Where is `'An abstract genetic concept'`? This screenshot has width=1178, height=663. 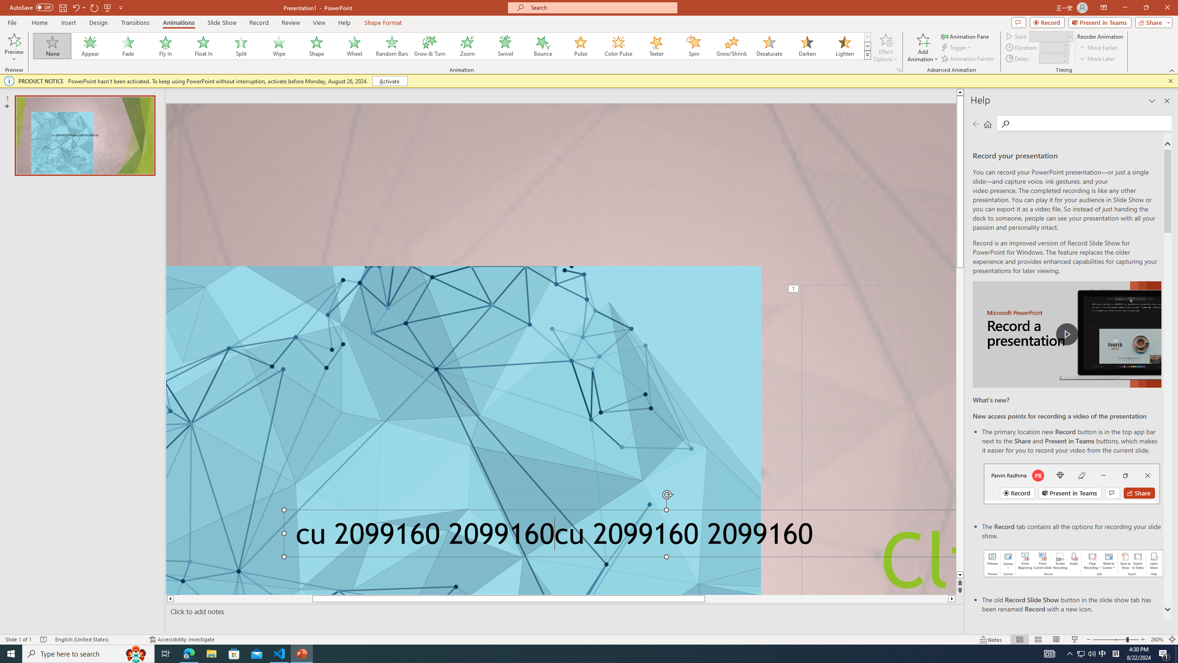
'An abstract genetic concept' is located at coordinates (560, 349).